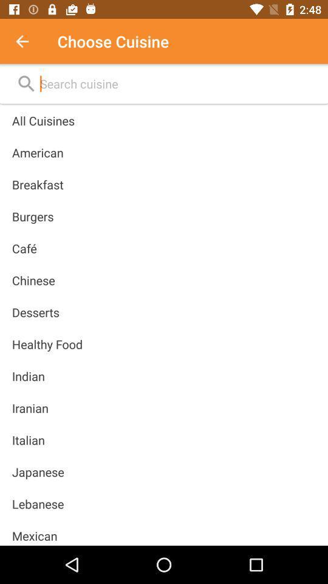  Describe the element at coordinates (38, 504) in the screenshot. I see `icon below japanese` at that location.